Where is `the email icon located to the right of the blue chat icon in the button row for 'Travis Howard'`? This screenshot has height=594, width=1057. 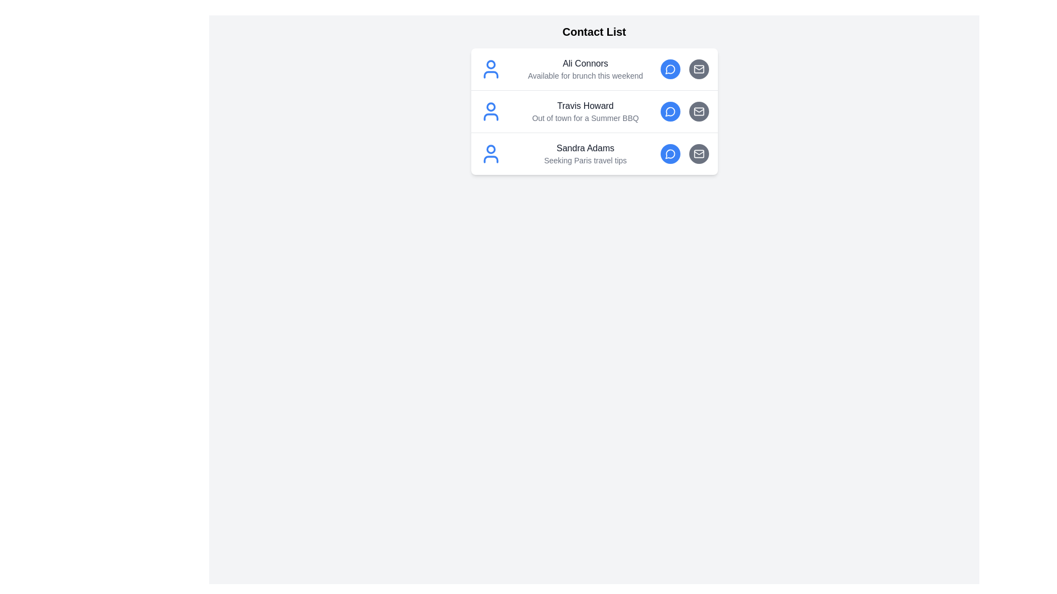
the email icon located to the right of the blue chat icon in the button row for 'Travis Howard' is located at coordinates (698, 112).